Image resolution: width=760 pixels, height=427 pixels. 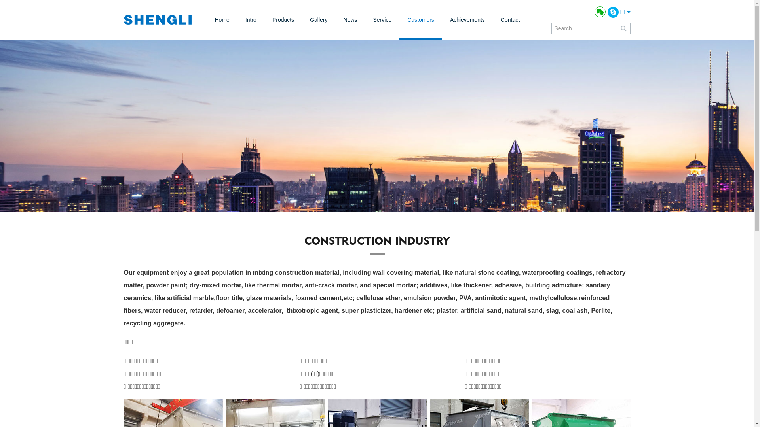 What do you see at coordinates (350, 19) in the screenshot?
I see `'News'` at bounding box center [350, 19].